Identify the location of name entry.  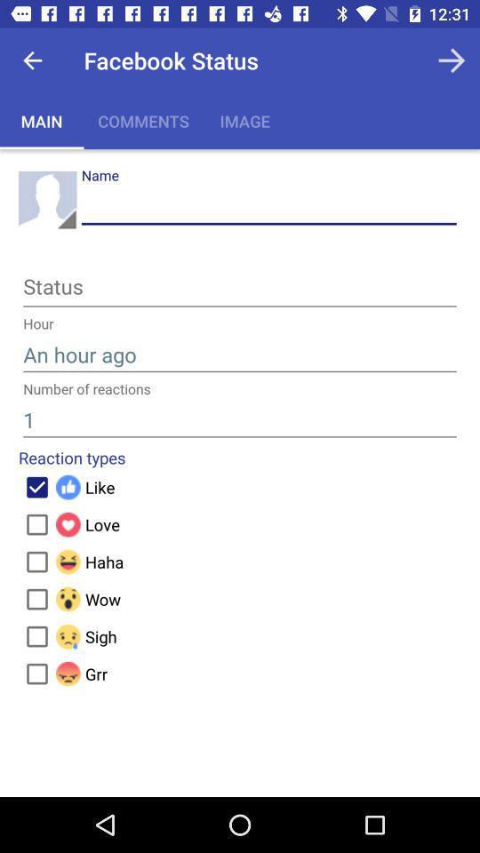
(268, 206).